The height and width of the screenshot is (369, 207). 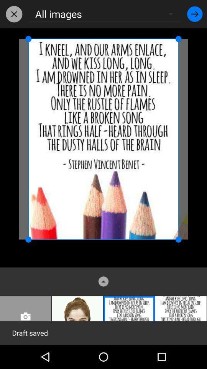 What do you see at coordinates (195, 13) in the screenshot?
I see `icon at the top right corner` at bounding box center [195, 13].